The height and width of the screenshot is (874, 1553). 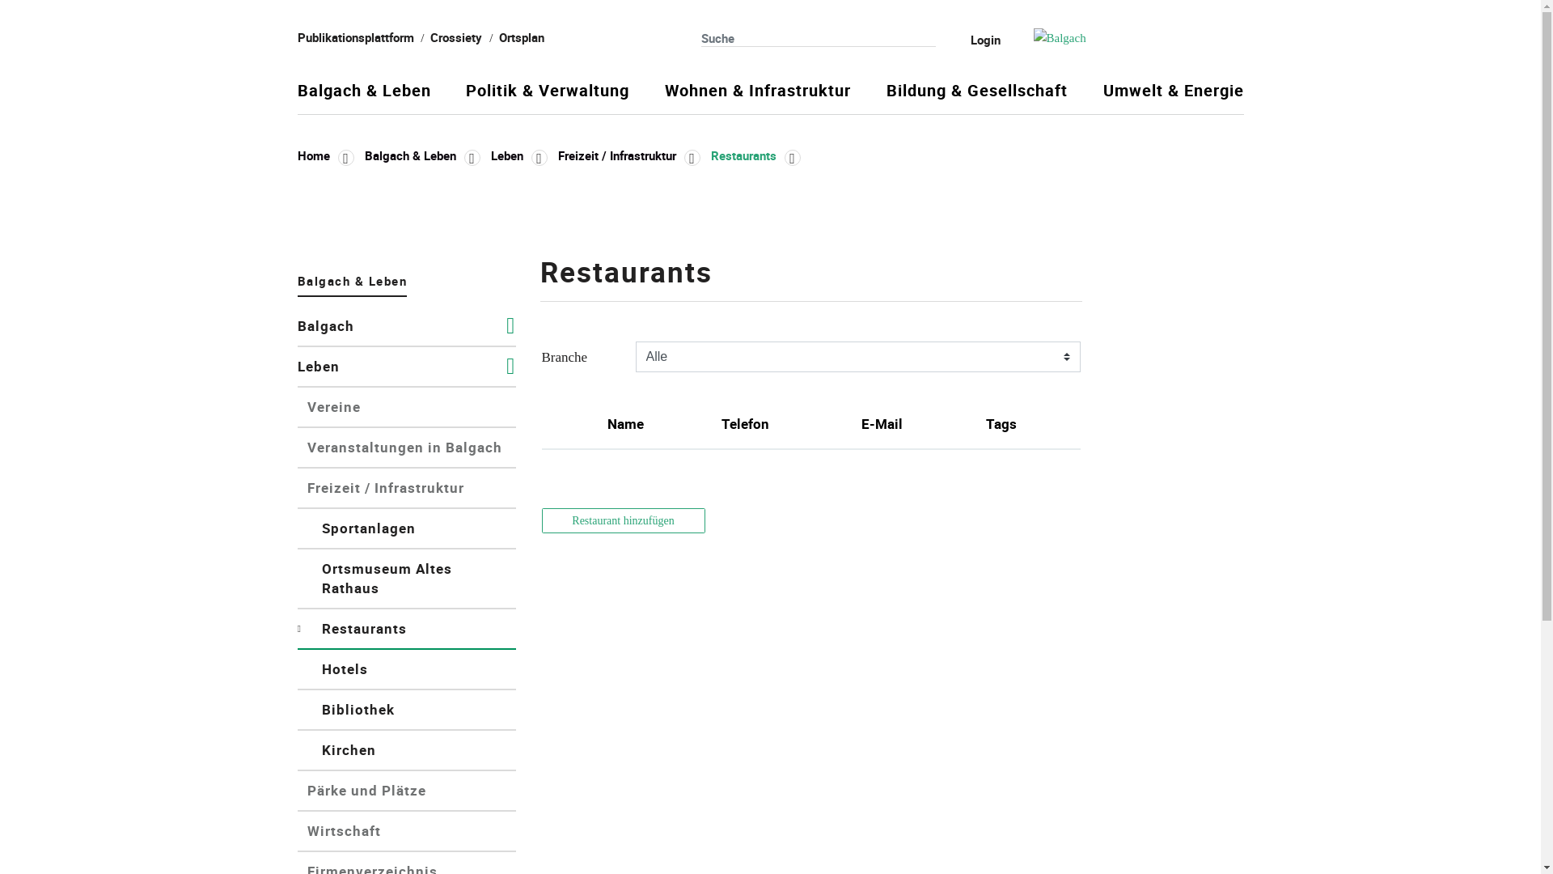 I want to click on 'Sportanlagen', so click(x=407, y=529).